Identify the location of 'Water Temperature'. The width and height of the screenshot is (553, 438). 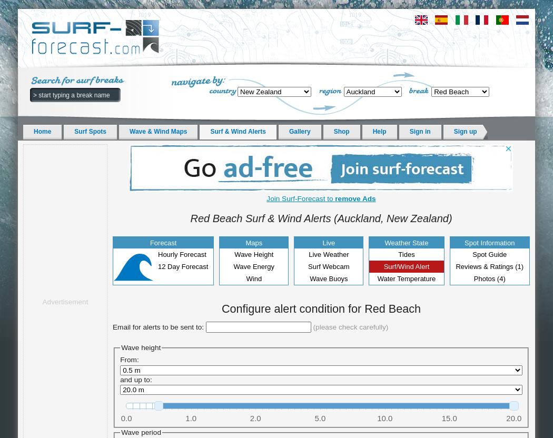
(406, 278).